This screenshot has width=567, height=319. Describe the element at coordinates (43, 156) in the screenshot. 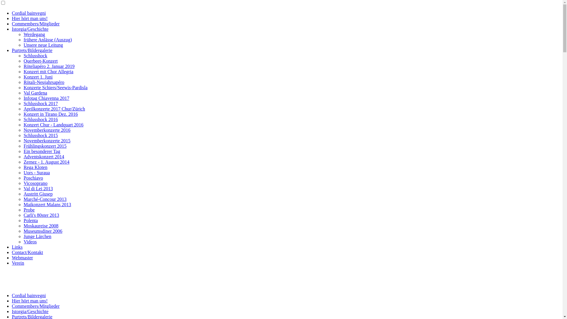

I see `'Adventskonzert 2014'` at that location.